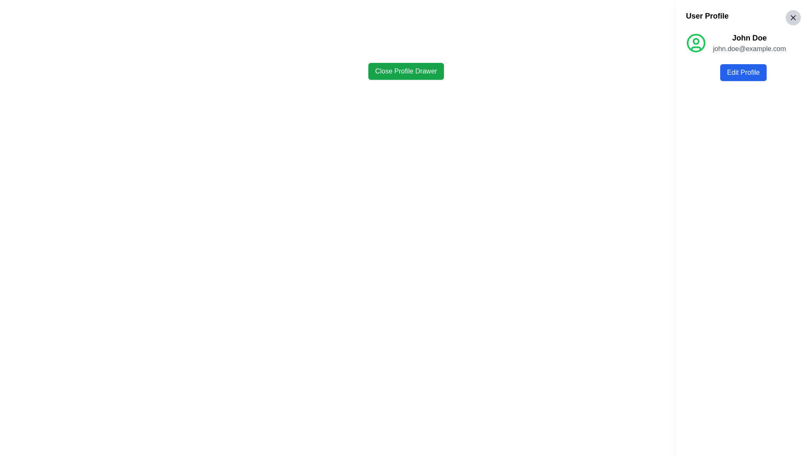  Describe the element at coordinates (696, 41) in the screenshot. I see `the small circular shape located within the larger circle in the profile section of the interface, positioned to the left of the username and email address` at that location.